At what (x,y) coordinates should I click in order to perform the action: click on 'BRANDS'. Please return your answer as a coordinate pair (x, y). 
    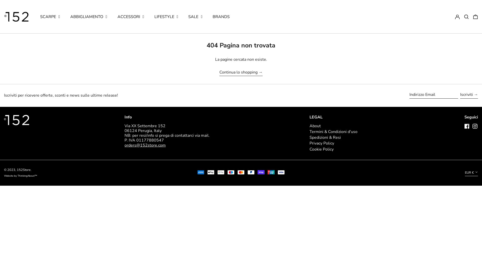
    Looking at the image, I should click on (221, 16).